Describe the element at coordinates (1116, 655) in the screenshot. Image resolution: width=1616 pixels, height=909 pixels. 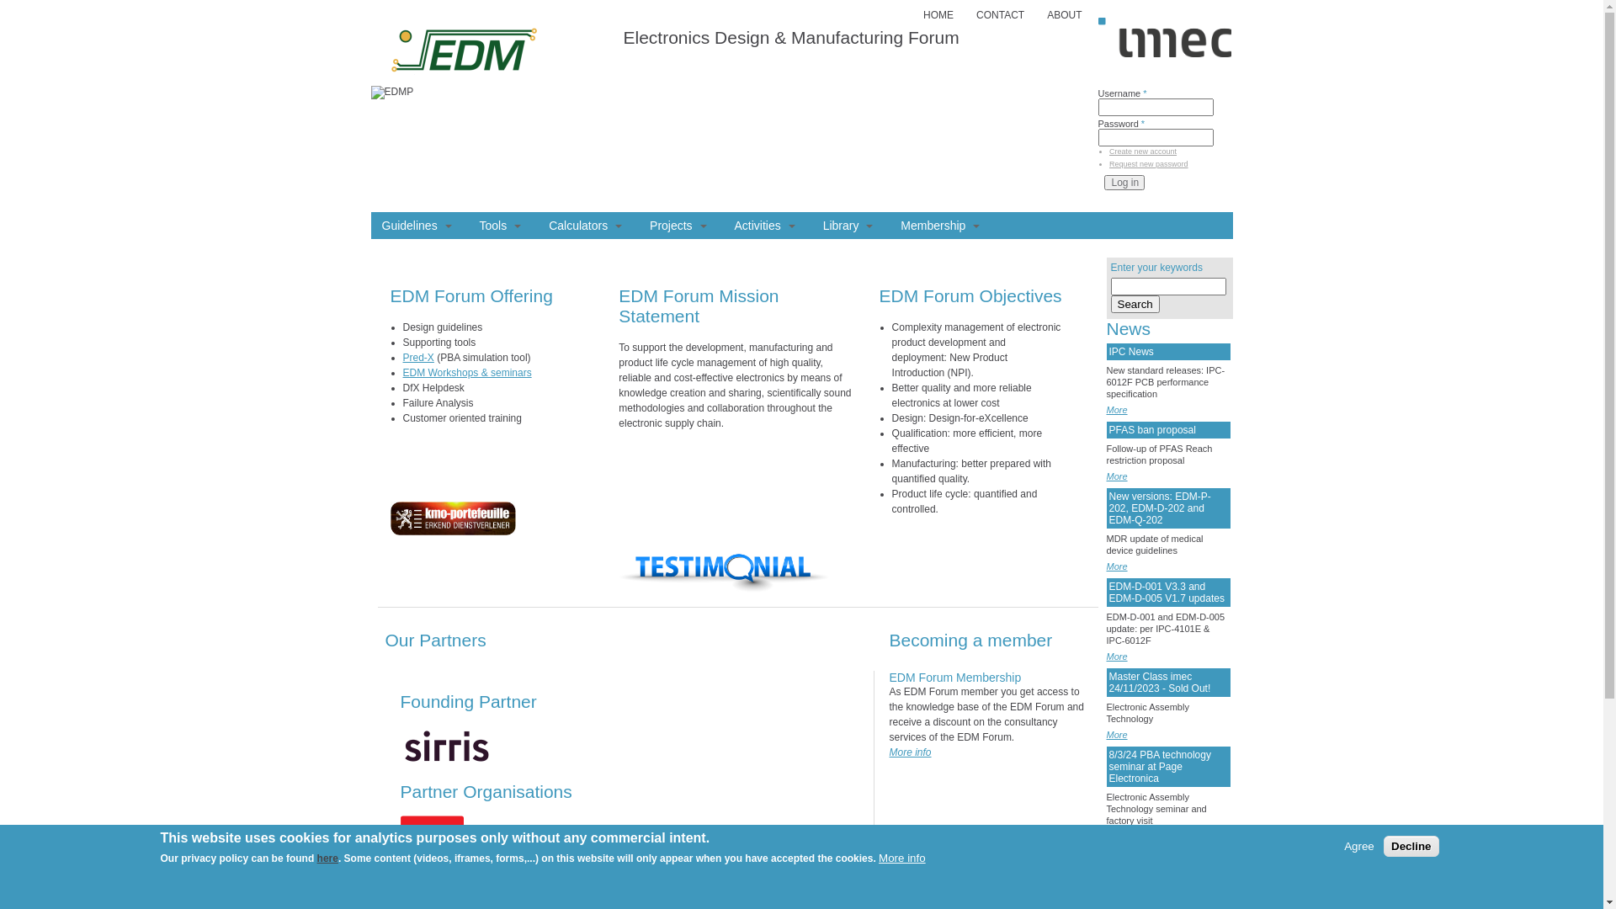
I see `'More'` at that location.